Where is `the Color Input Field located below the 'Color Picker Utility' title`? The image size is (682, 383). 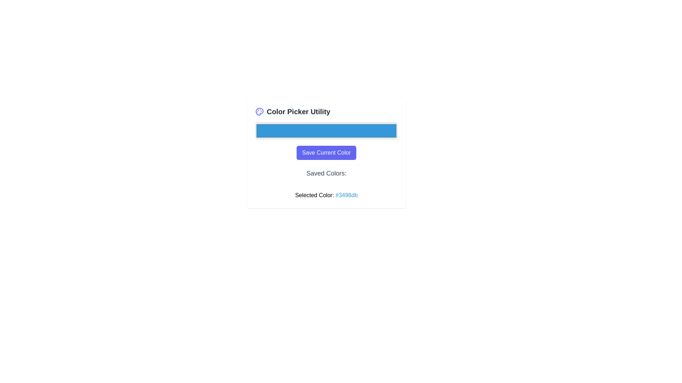 the Color Input Field located below the 'Color Picker Utility' title is located at coordinates (326, 131).